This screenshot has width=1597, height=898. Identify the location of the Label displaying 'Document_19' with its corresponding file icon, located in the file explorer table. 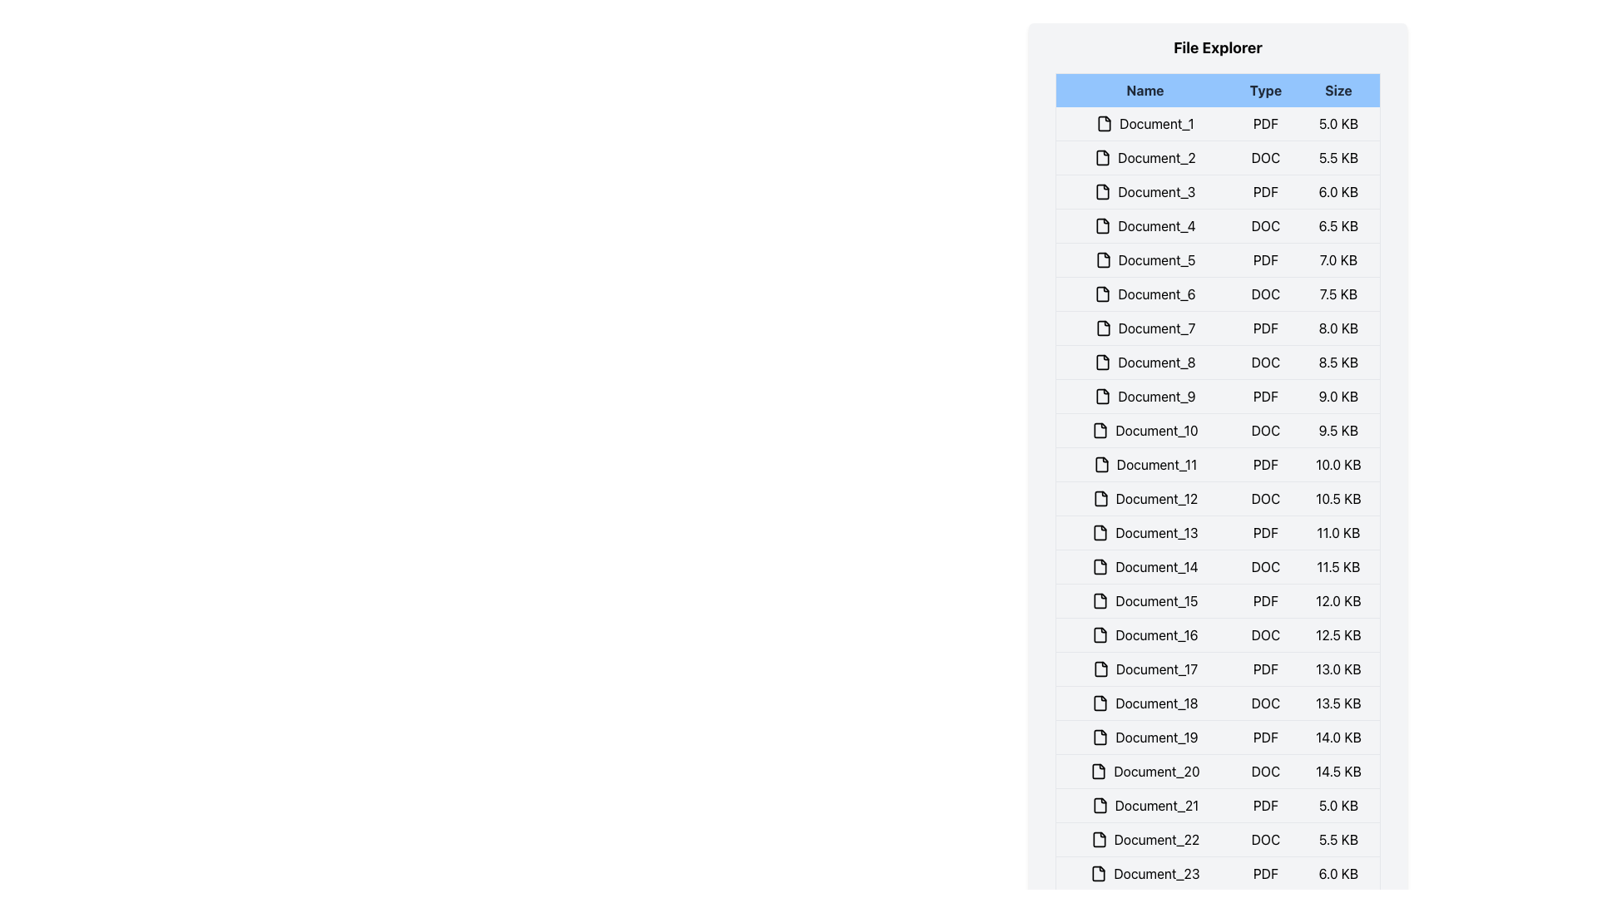
(1145, 737).